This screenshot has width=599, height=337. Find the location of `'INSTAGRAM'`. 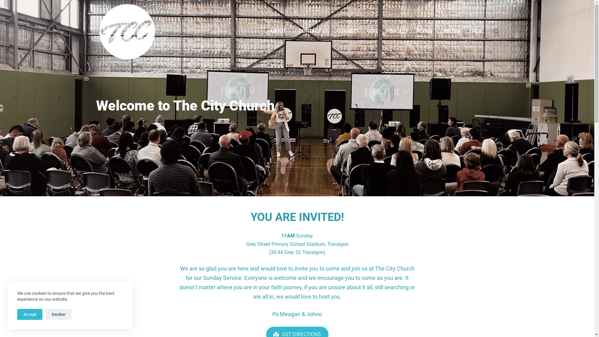

'INSTAGRAM' is located at coordinates (480, 273).